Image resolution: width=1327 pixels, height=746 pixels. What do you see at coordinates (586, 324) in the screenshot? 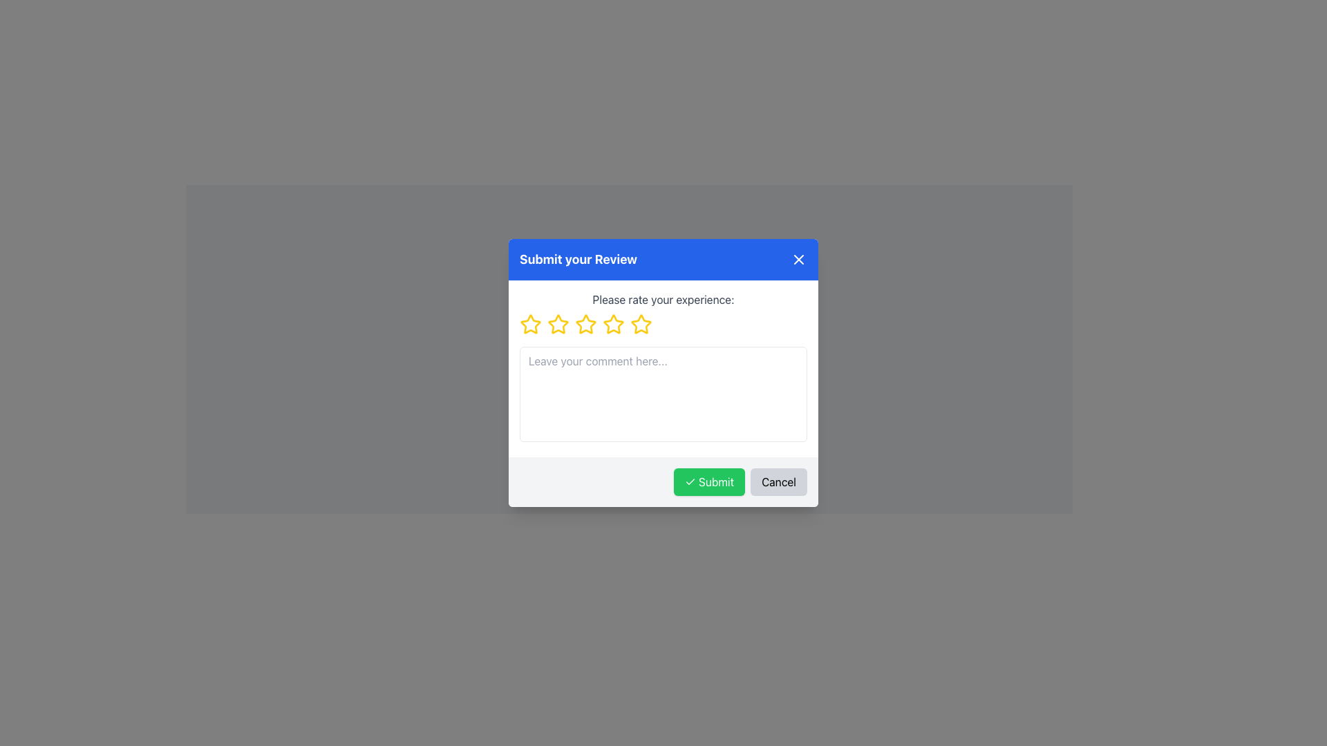
I see `the third star icon from the left in the rating system below the text 'Please rate your experience:'` at bounding box center [586, 324].